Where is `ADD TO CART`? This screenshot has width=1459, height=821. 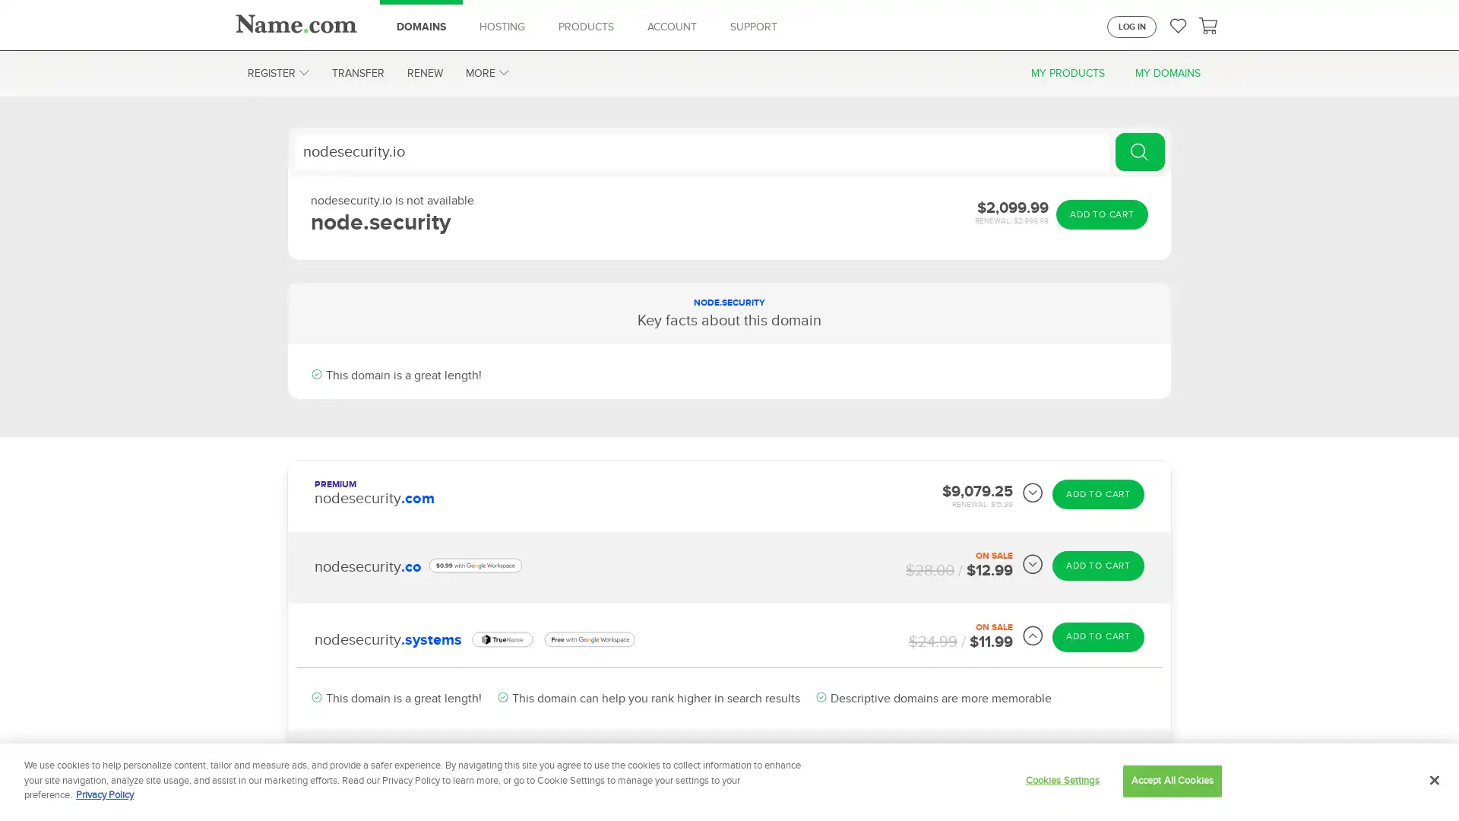 ADD TO CART is located at coordinates (1098, 566).